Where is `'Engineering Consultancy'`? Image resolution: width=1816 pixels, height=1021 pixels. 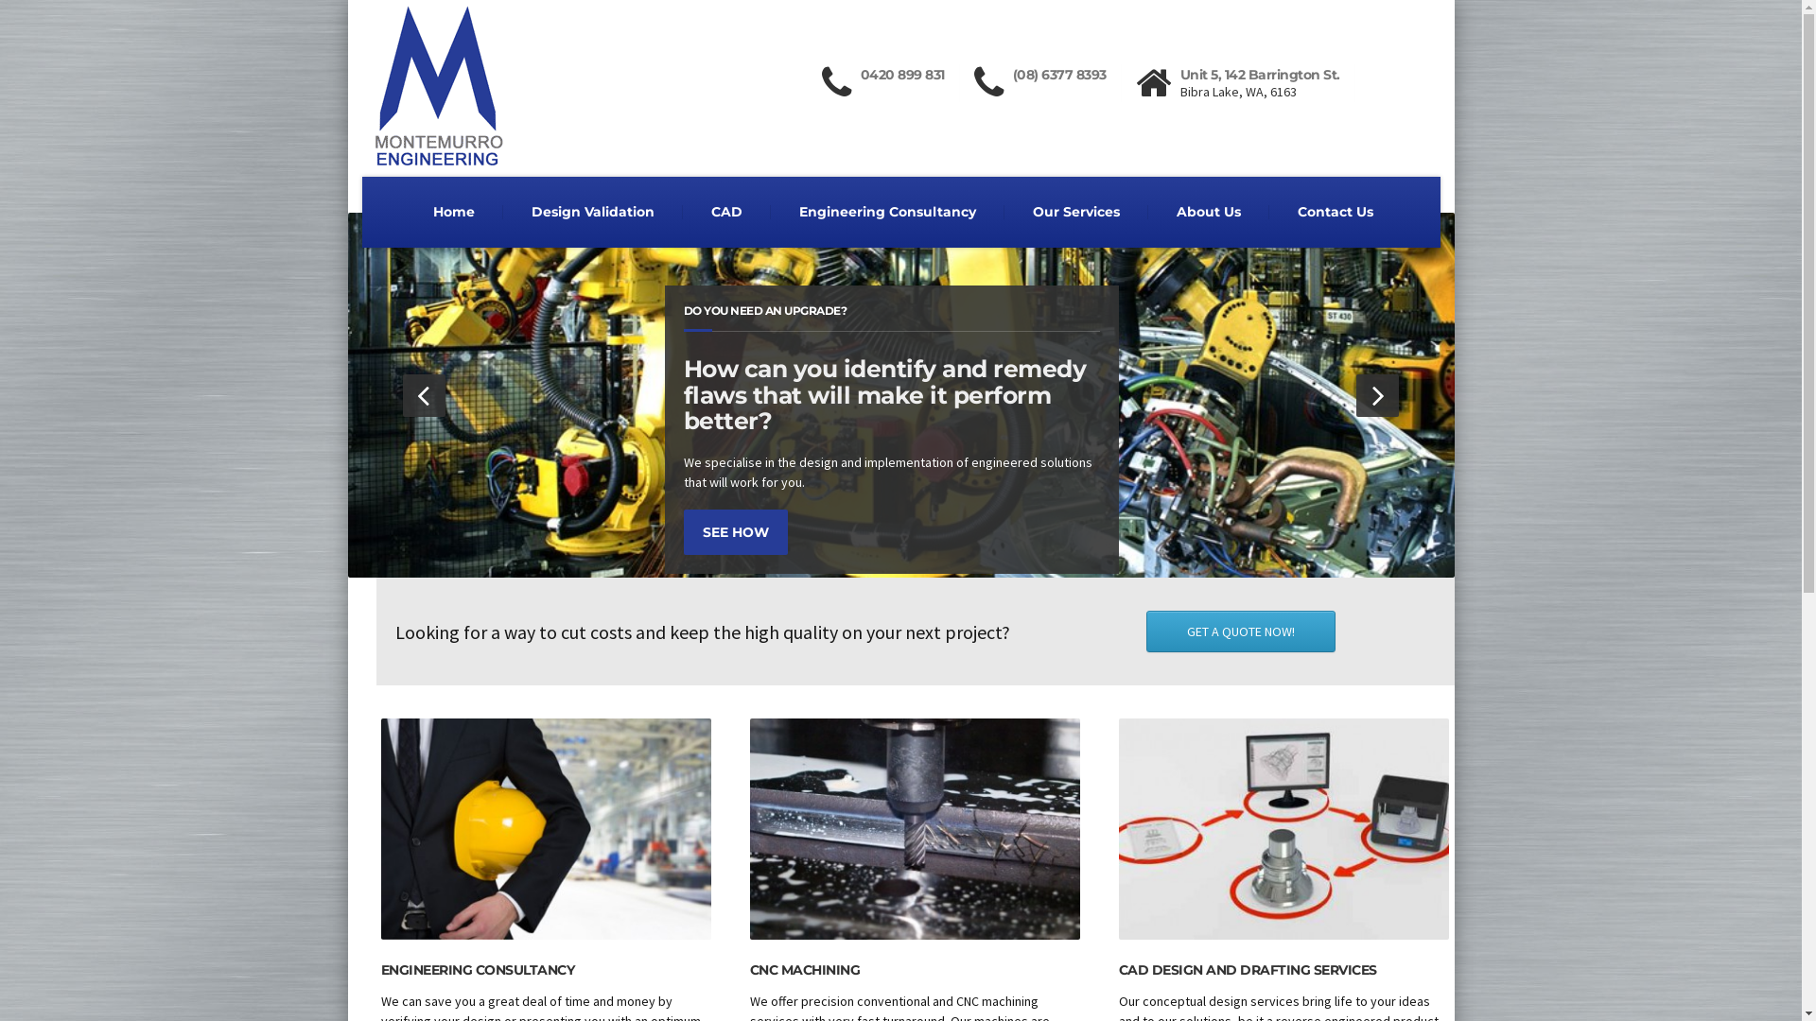
'Engineering Consultancy' is located at coordinates (885, 212).